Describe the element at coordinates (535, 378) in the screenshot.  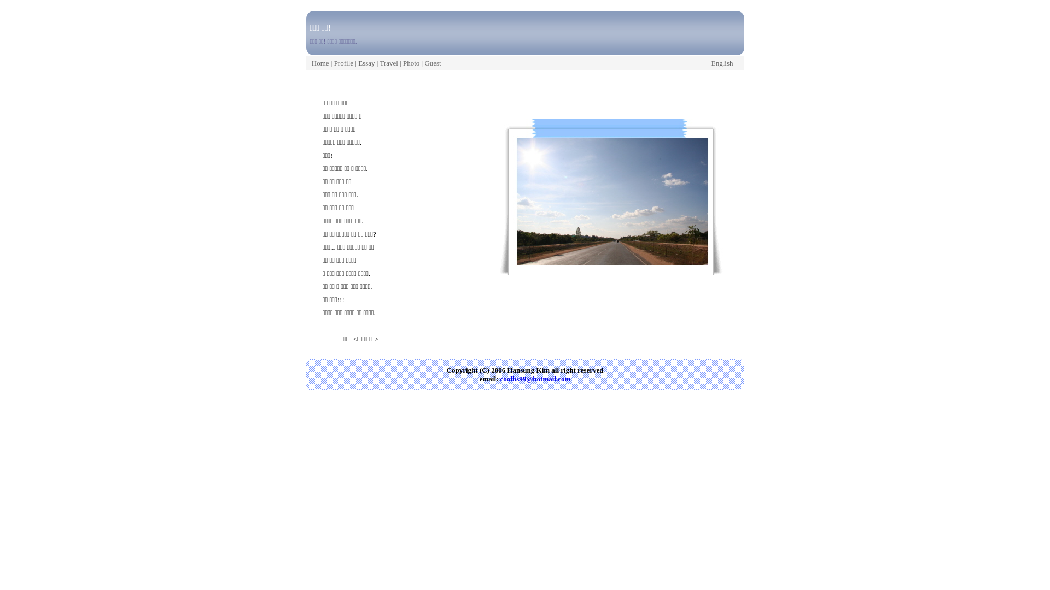
I see `'coolhs99@hotmail.com'` at that location.